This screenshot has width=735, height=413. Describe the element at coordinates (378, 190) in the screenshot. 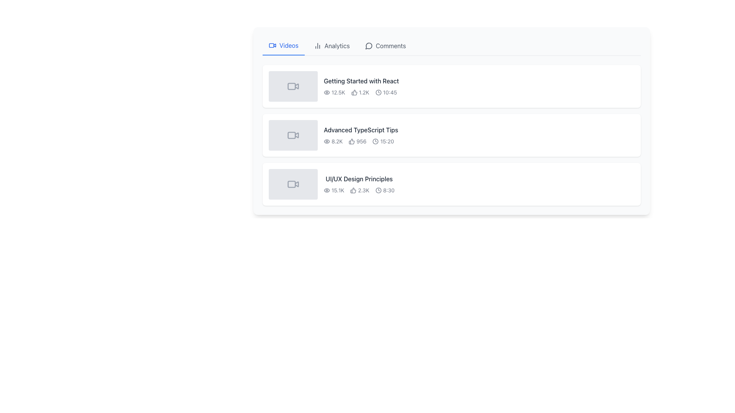

I see `the circular shape within the clock icon that is located next to the duration of the 'UI/UX Design Principles' video` at that location.